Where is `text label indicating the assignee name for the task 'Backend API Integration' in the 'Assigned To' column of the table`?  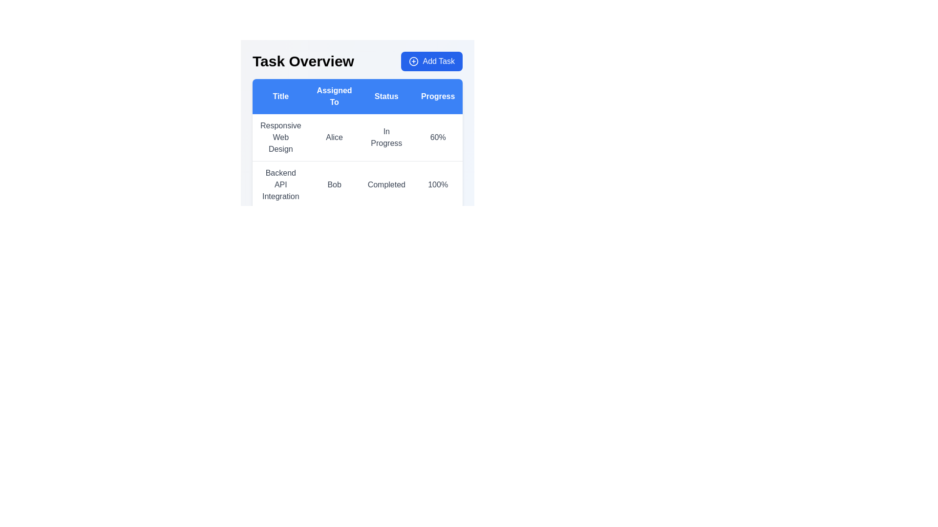
text label indicating the assignee name for the task 'Backend API Integration' in the 'Assigned To' column of the table is located at coordinates (334, 184).